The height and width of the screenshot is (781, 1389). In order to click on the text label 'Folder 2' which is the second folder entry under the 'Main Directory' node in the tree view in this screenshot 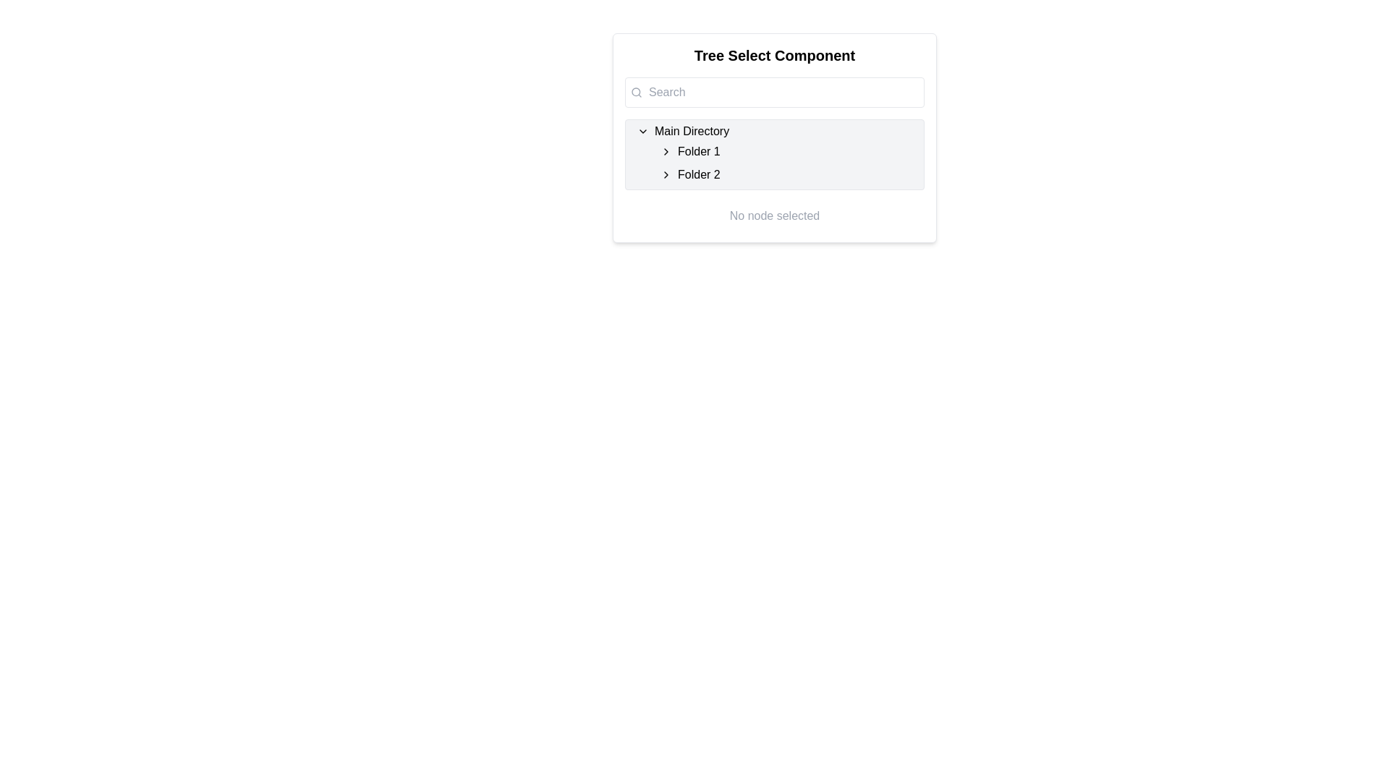, I will do `click(699, 174)`.